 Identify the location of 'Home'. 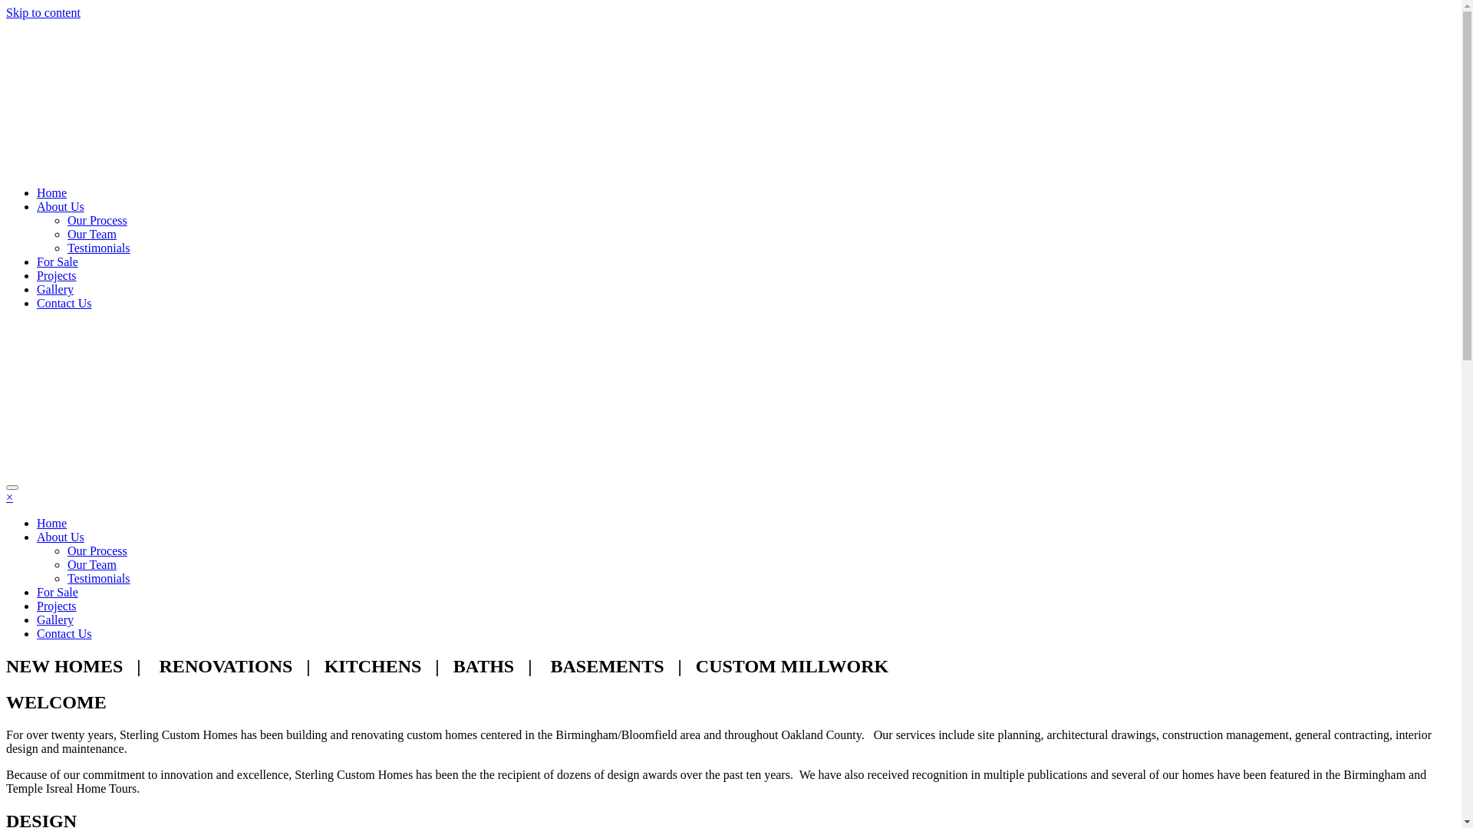
(51, 192).